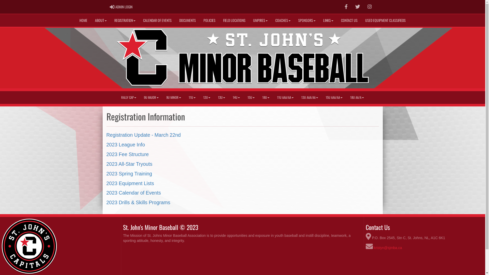 The width and height of the screenshot is (489, 275). What do you see at coordinates (294, 20) in the screenshot?
I see `'SPONSORS'` at bounding box center [294, 20].